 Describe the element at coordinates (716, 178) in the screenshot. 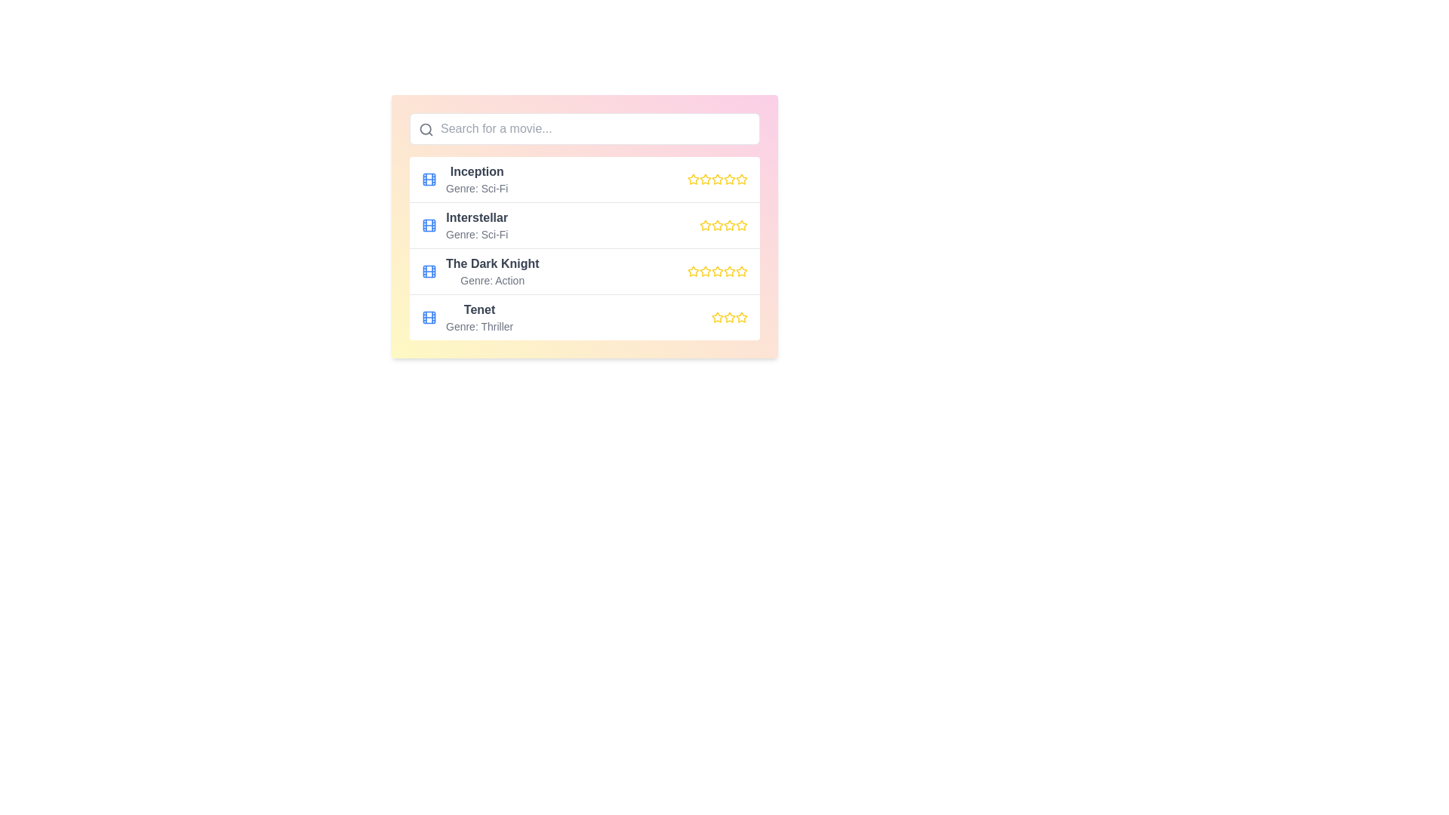

I see `the second star-shaped icon with a hollow center and yellow outline next to the movie 'Inception'` at that location.